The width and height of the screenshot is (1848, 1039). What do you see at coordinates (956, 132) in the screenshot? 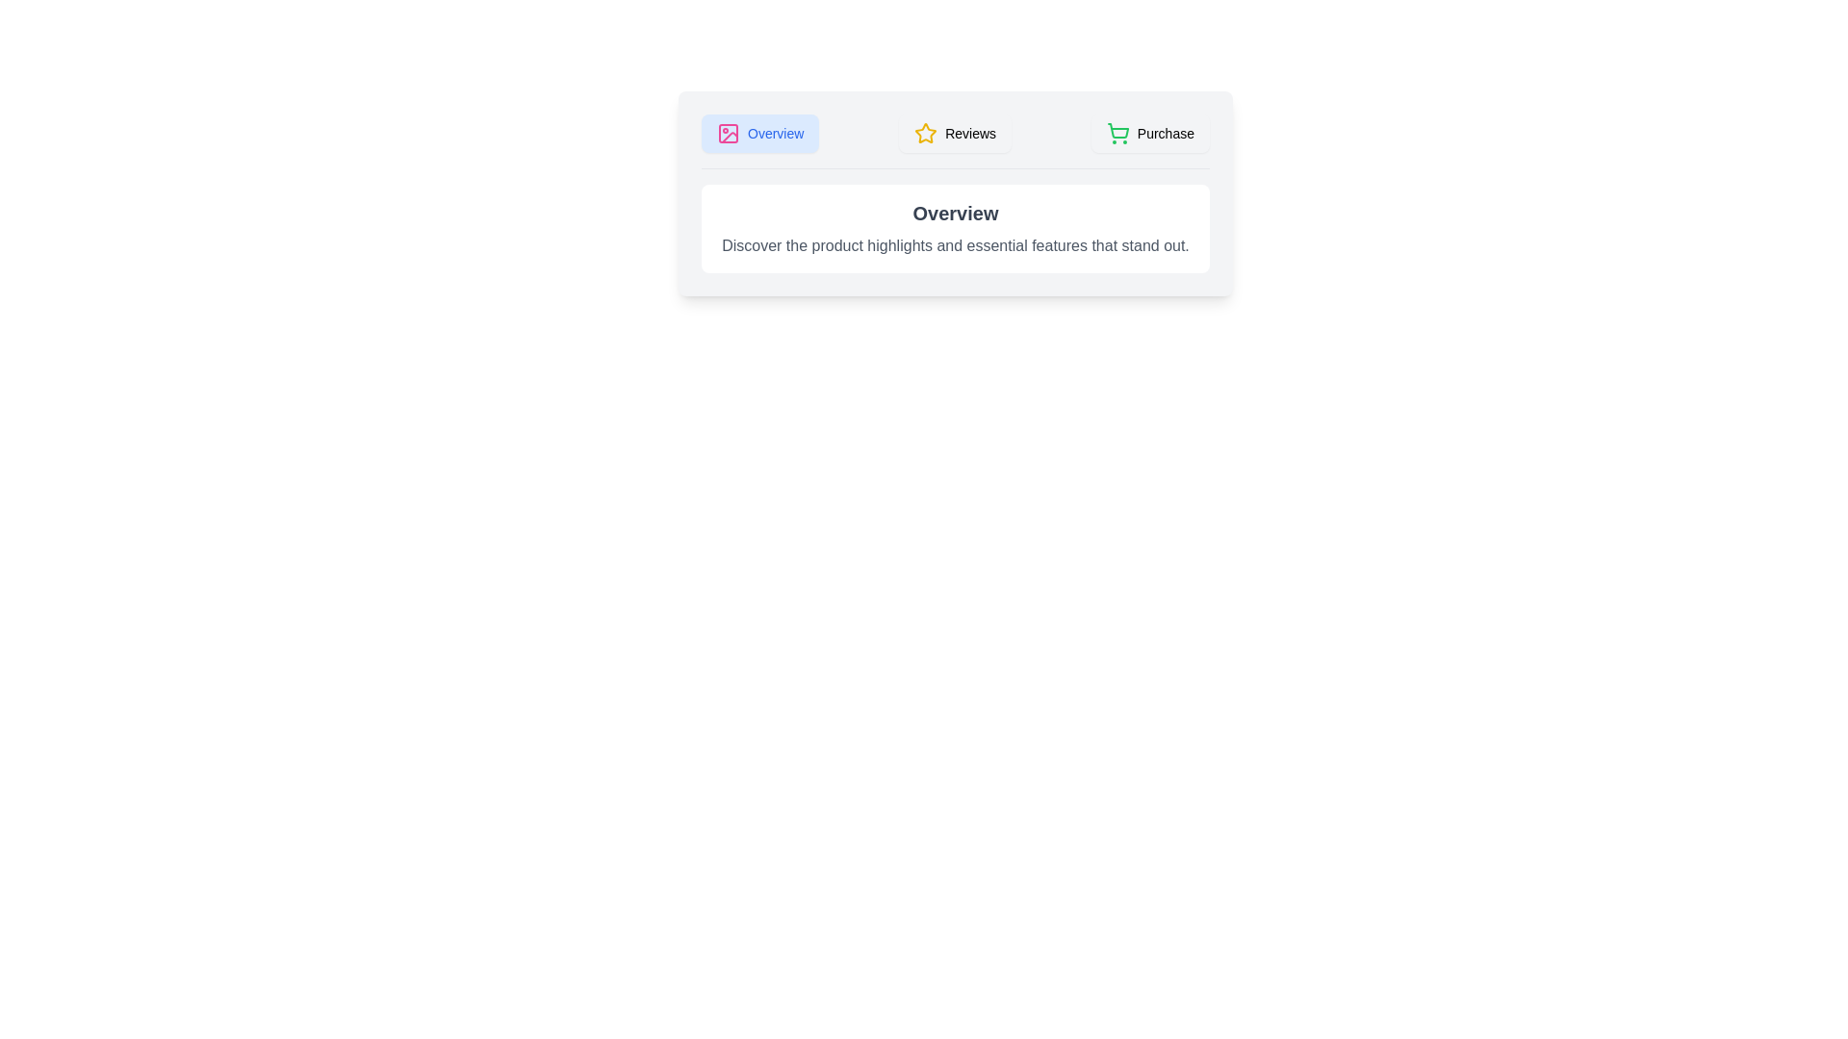
I see `the Reviews tab to view its content` at bounding box center [956, 132].